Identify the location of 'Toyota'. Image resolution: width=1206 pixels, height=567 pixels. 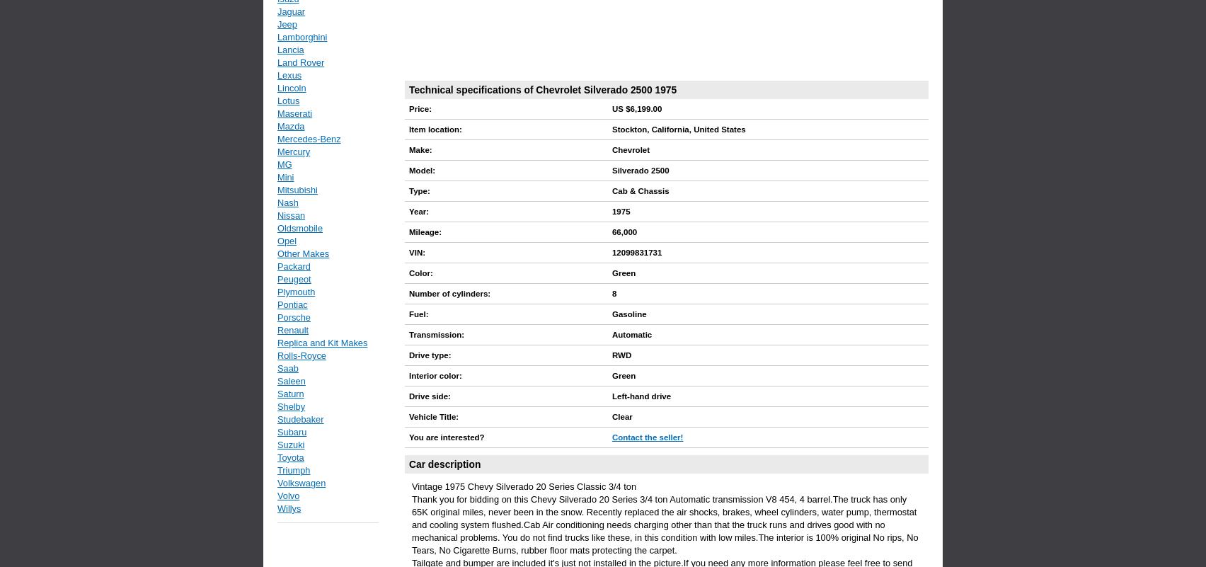
(276, 457).